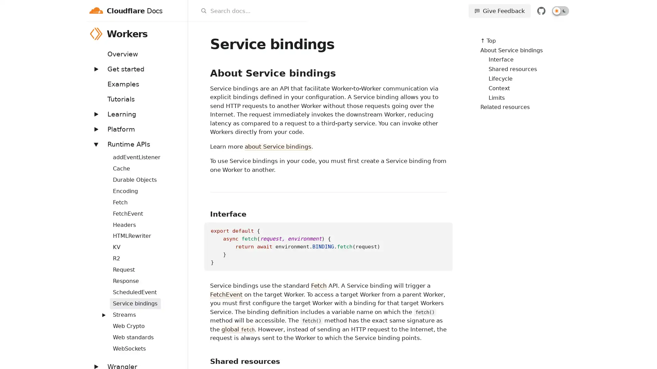 This screenshot has height=369, width=657. Describe the element at coordinates (499, 11) in the screenshot. I see `Give Feedback` at that location.